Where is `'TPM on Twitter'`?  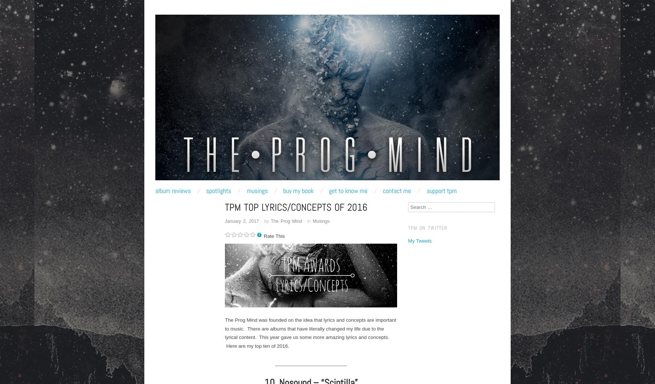 'TPM on Twitter' is located at coordinates (408, 227).